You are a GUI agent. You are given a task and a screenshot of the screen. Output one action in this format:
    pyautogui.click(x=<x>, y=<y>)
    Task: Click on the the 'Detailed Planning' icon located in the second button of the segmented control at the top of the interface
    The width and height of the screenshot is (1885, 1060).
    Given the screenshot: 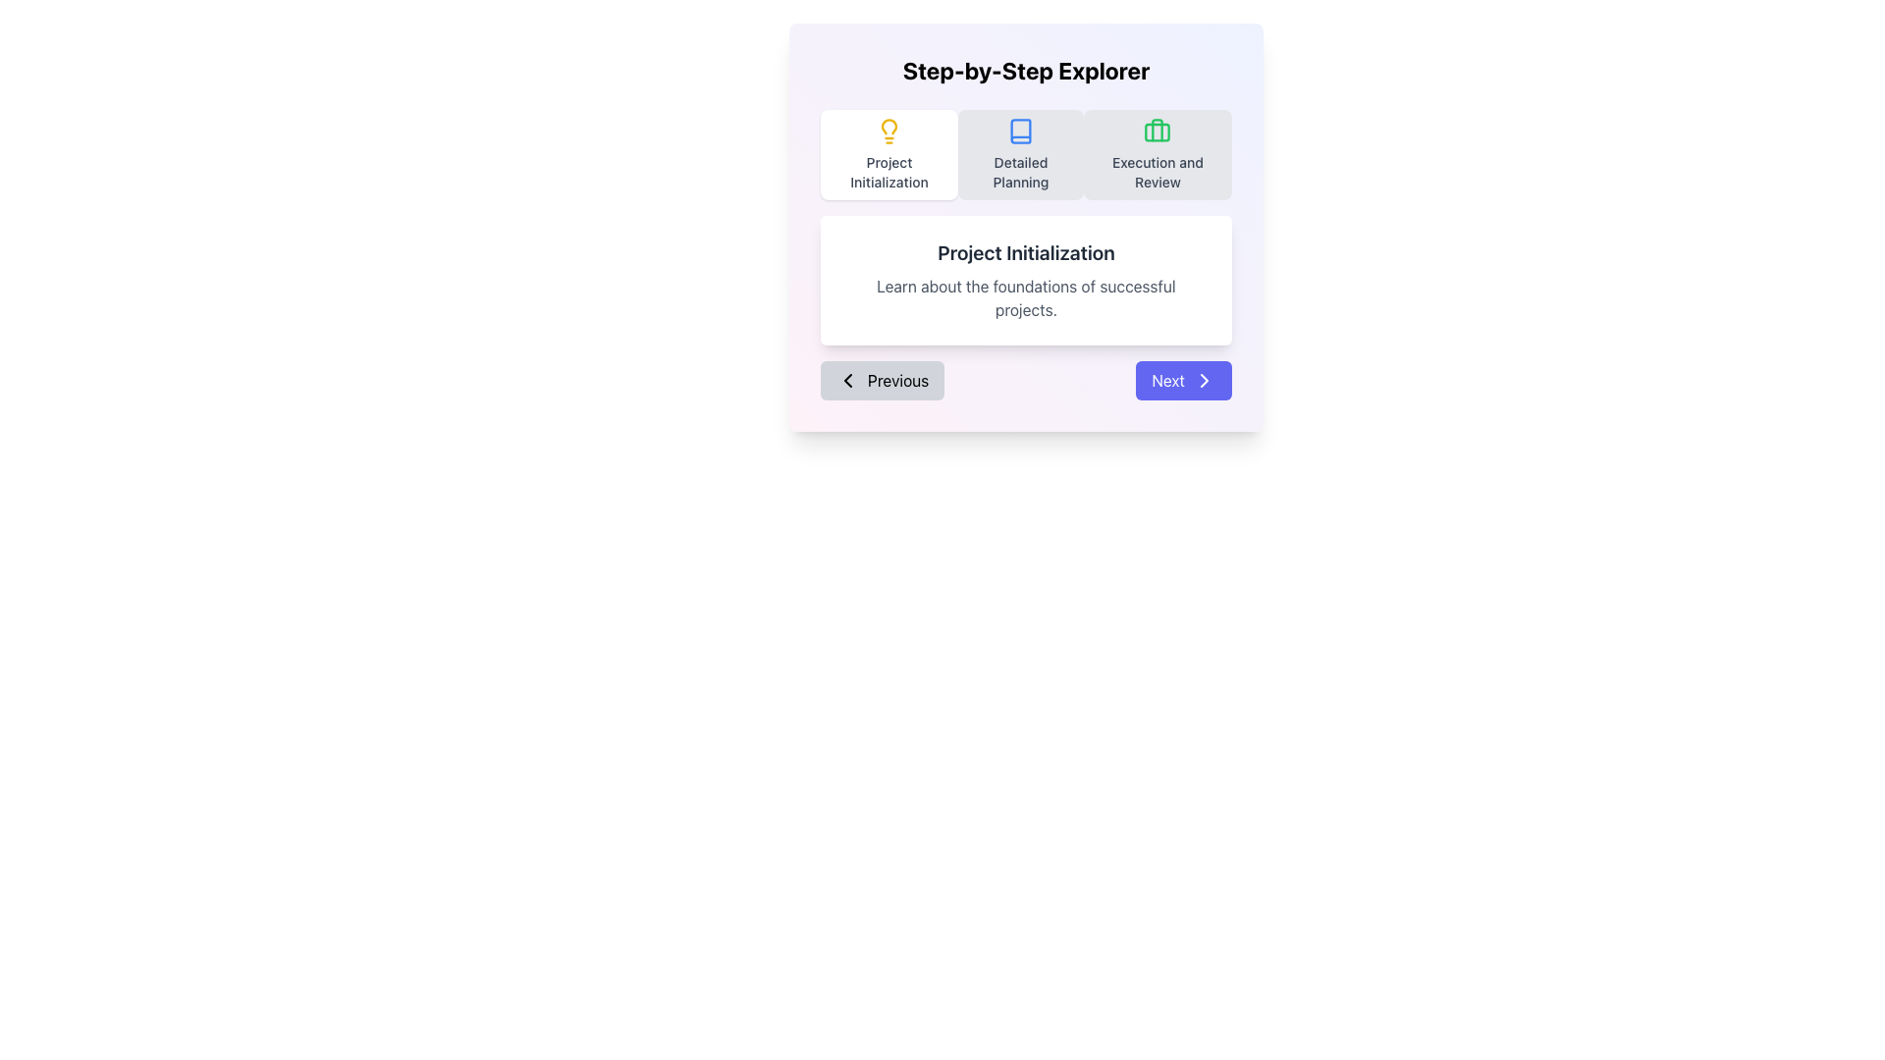 What is the action you would take?
    pyautogui.click(x=1021, y=132)
    